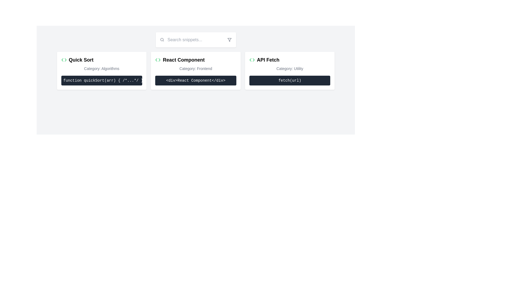 Image resolution: width=521 pixels, height=293 pixels. Describe the element at coordinates (195, 39) in the screenshot. I see `the Search bar located near the top center of the interface, directly above the content cards titled 'Quick Sort,' 'React Component,' and 'API Fetch'` at that location.